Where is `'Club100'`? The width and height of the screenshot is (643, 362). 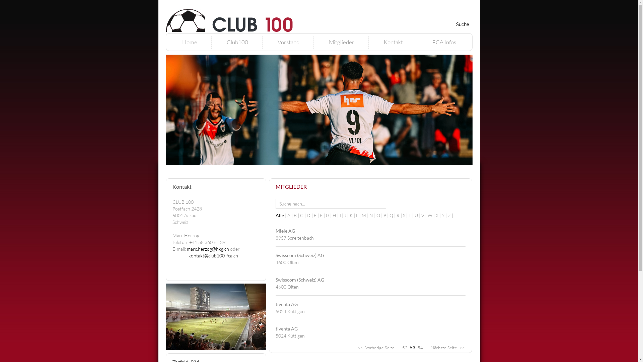
'Club100' is located at coordinates (237, 42).